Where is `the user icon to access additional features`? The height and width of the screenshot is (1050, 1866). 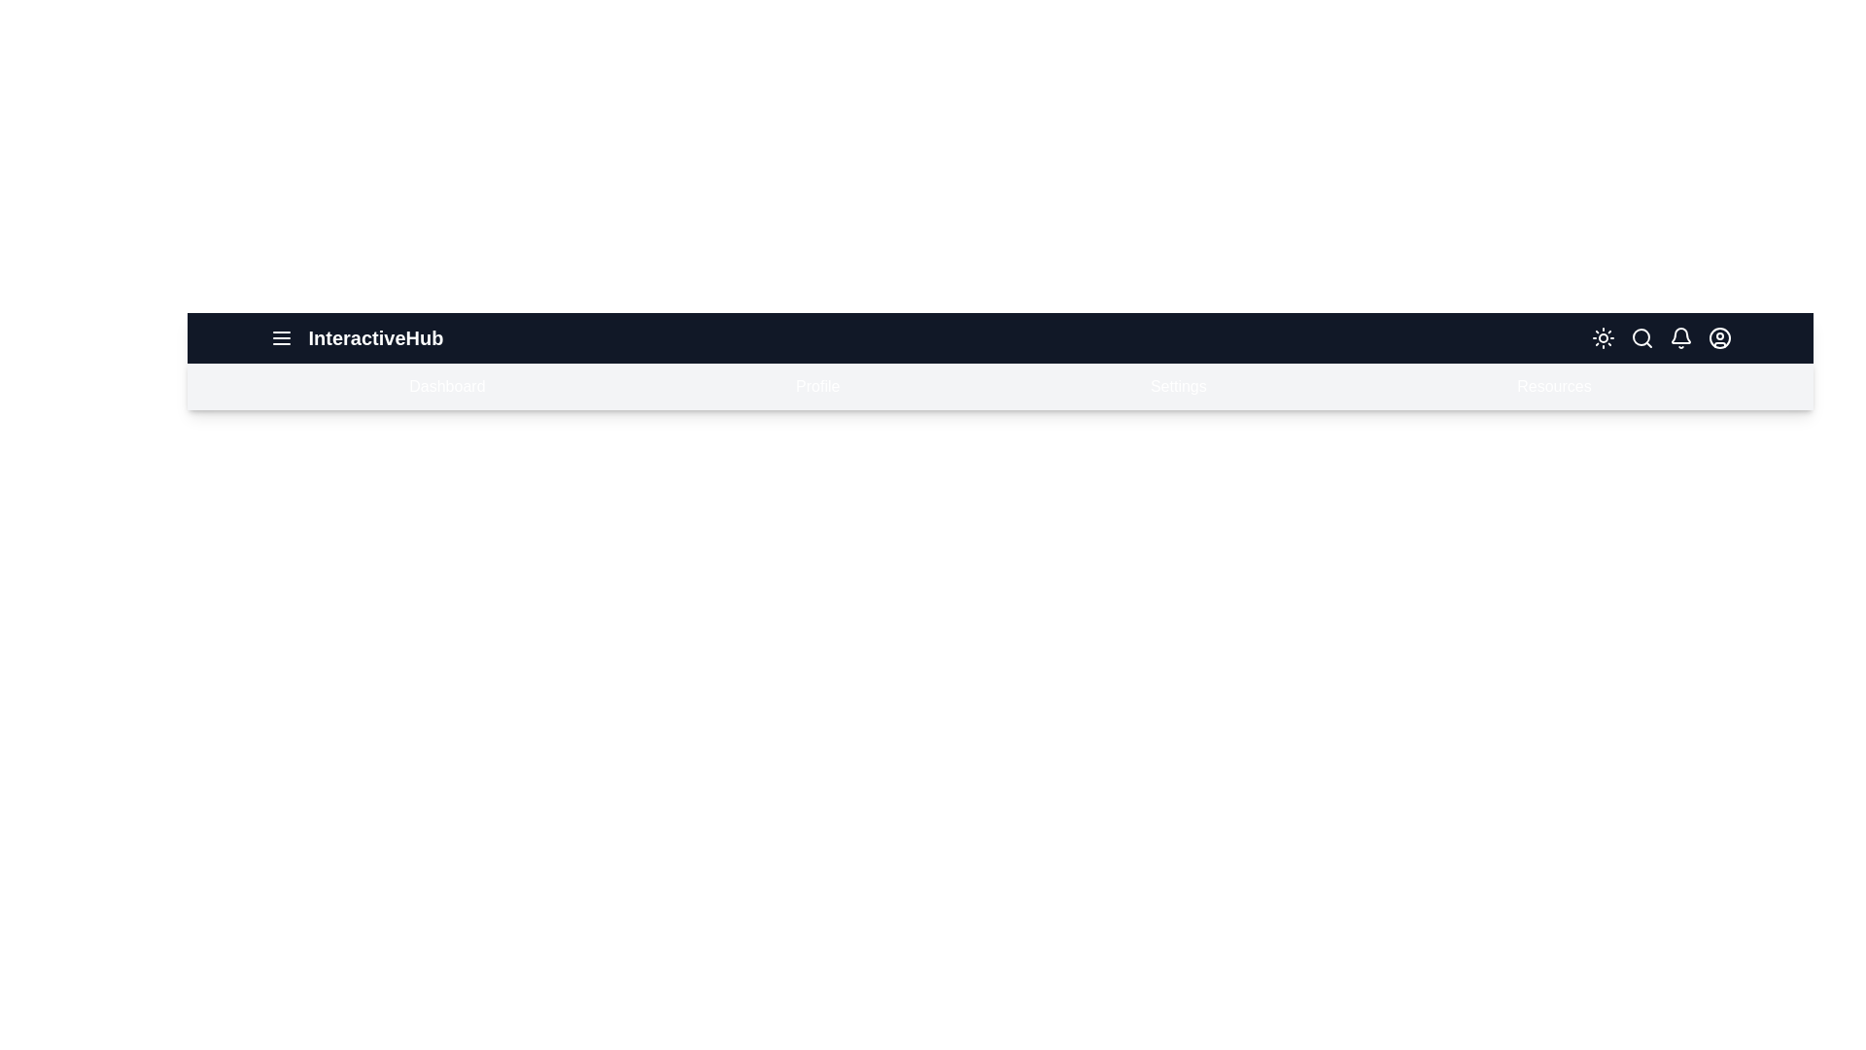
the user icon to access additional features is located at coordinates (1719, 336).